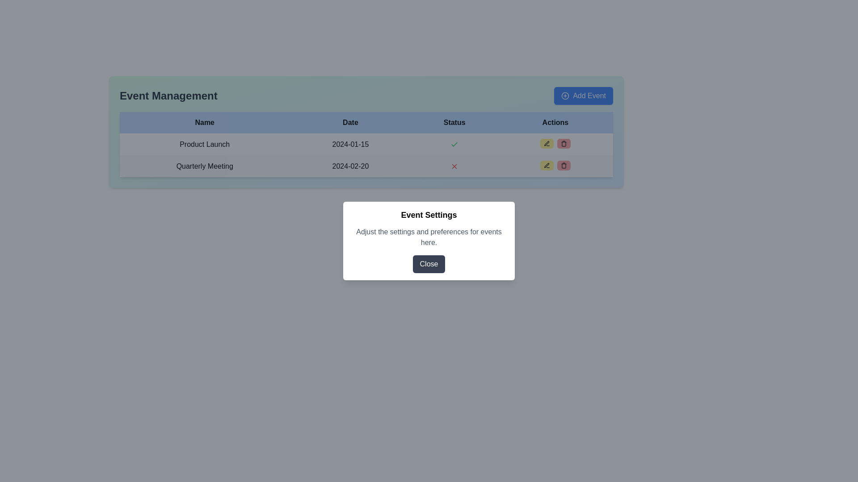 The width and height of the screenshot is (858, 482). What do you see at coordinates (429, 263) in the screenshot?
I see `the 'Close' button located at the bottom center of the 'Event Settings' modal dialog to change its appearance` at bounding box center [429, 263].